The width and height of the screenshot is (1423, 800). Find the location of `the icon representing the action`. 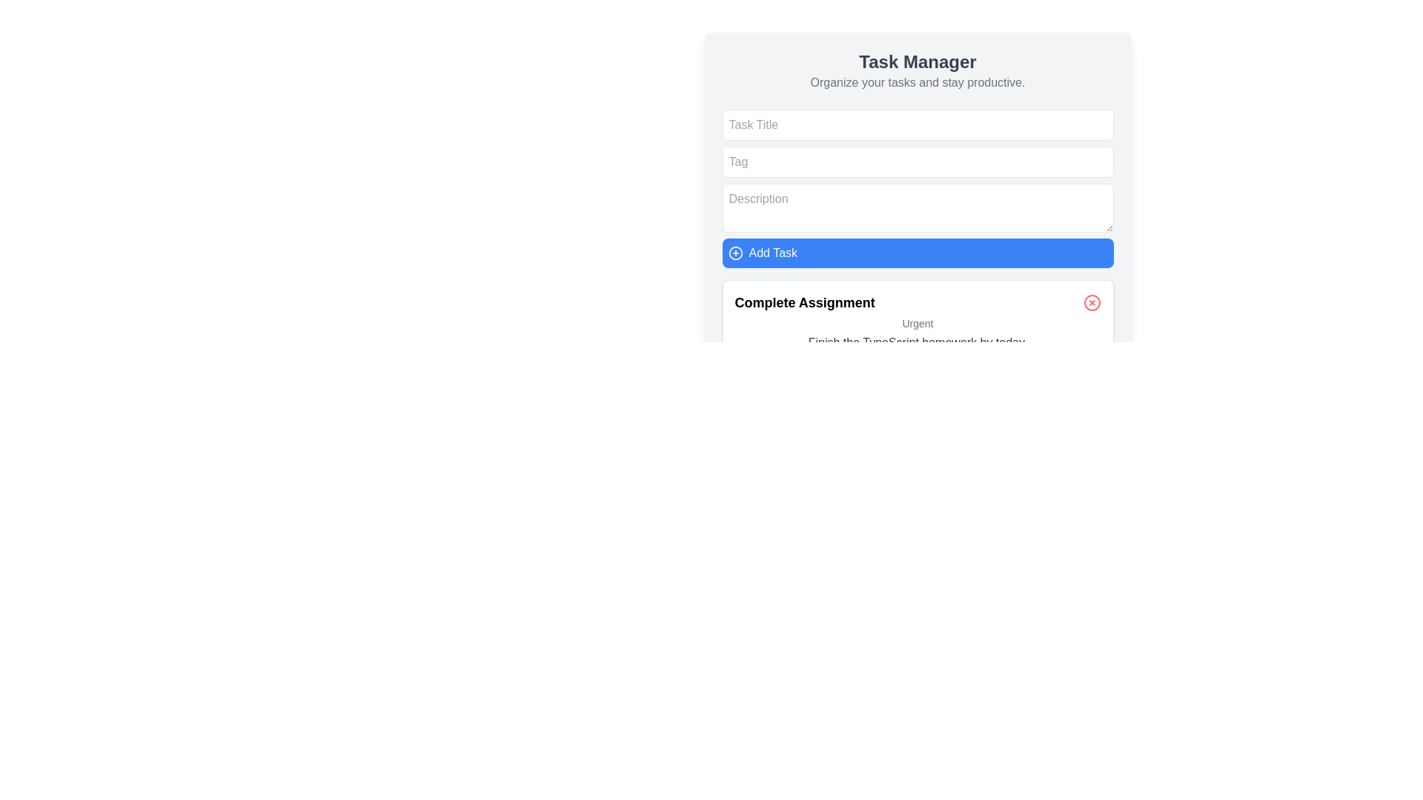

the icon representing the action is located at coordinates (735, 253).